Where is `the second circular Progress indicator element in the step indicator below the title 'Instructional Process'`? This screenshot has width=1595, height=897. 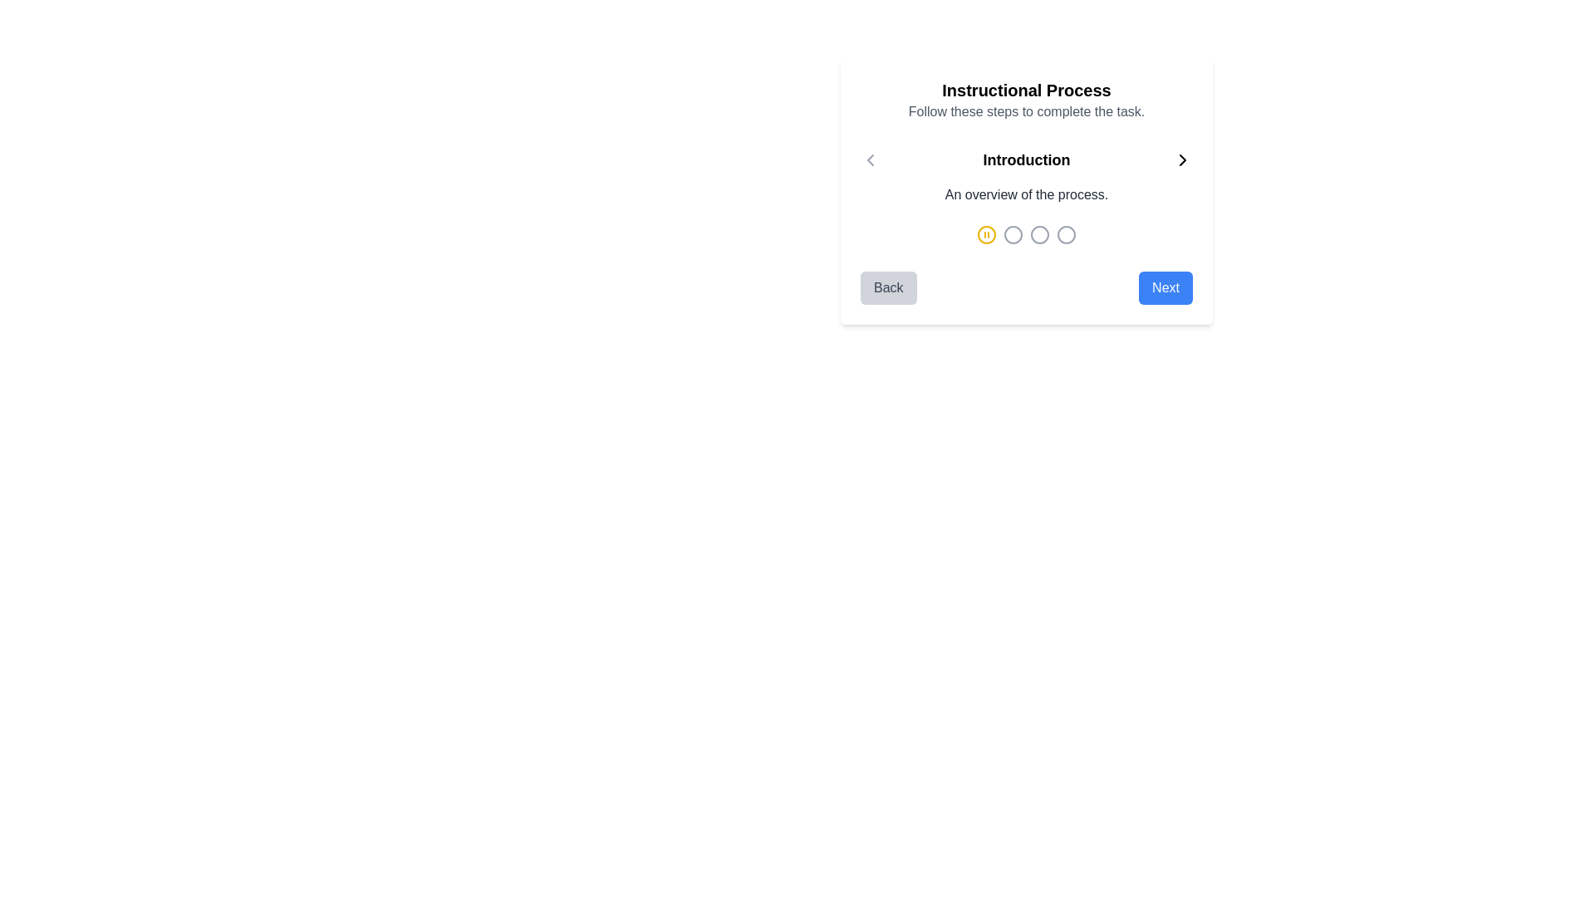
the second circular Progress indicator element in the step indicator below the title 'Instructional Process' is located at coordinates (1012, 234).